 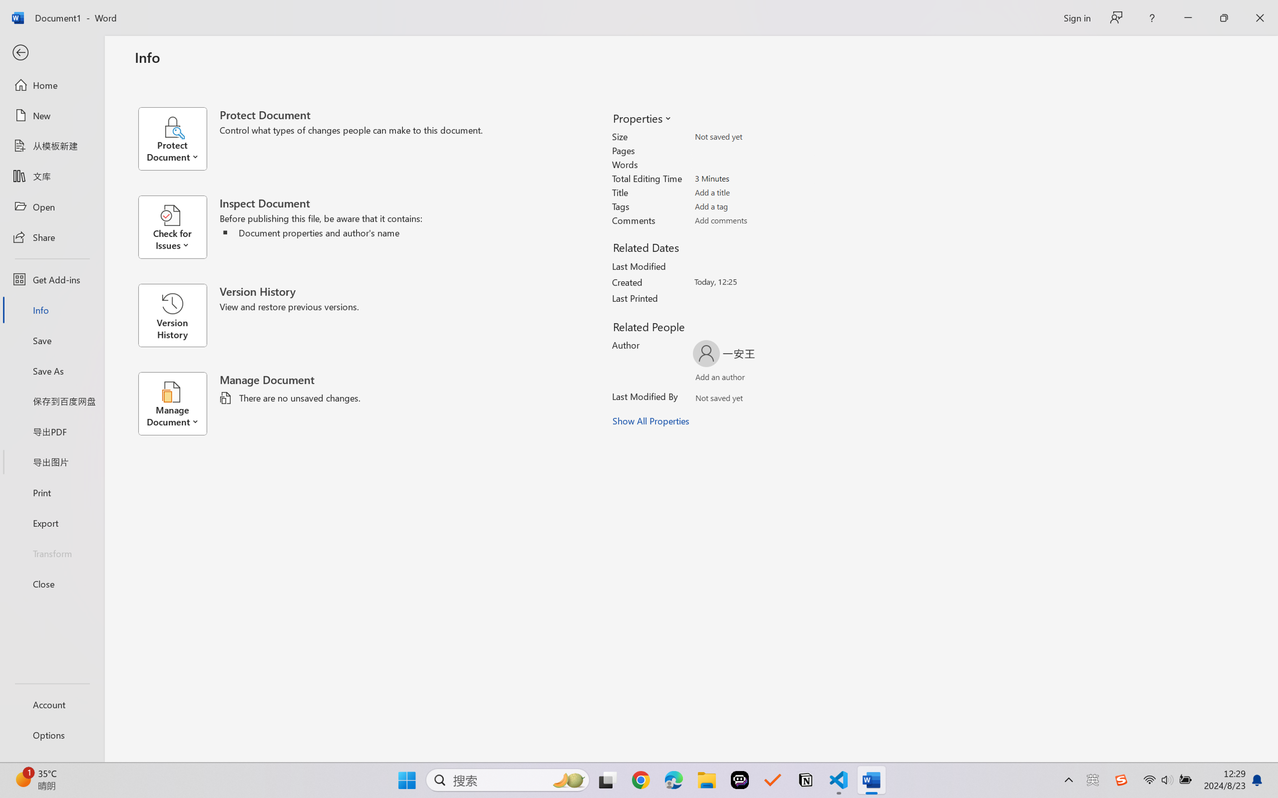 What do you see at coordinates (753, 192) in the screenshot?
I see `'Title'` at bounding box center [753, 192].